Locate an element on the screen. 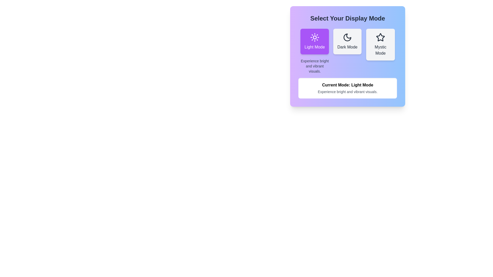 The image size is (493, 277). the theme Light Mode by clicking the corresponding button is located at coordinates (314, 41).